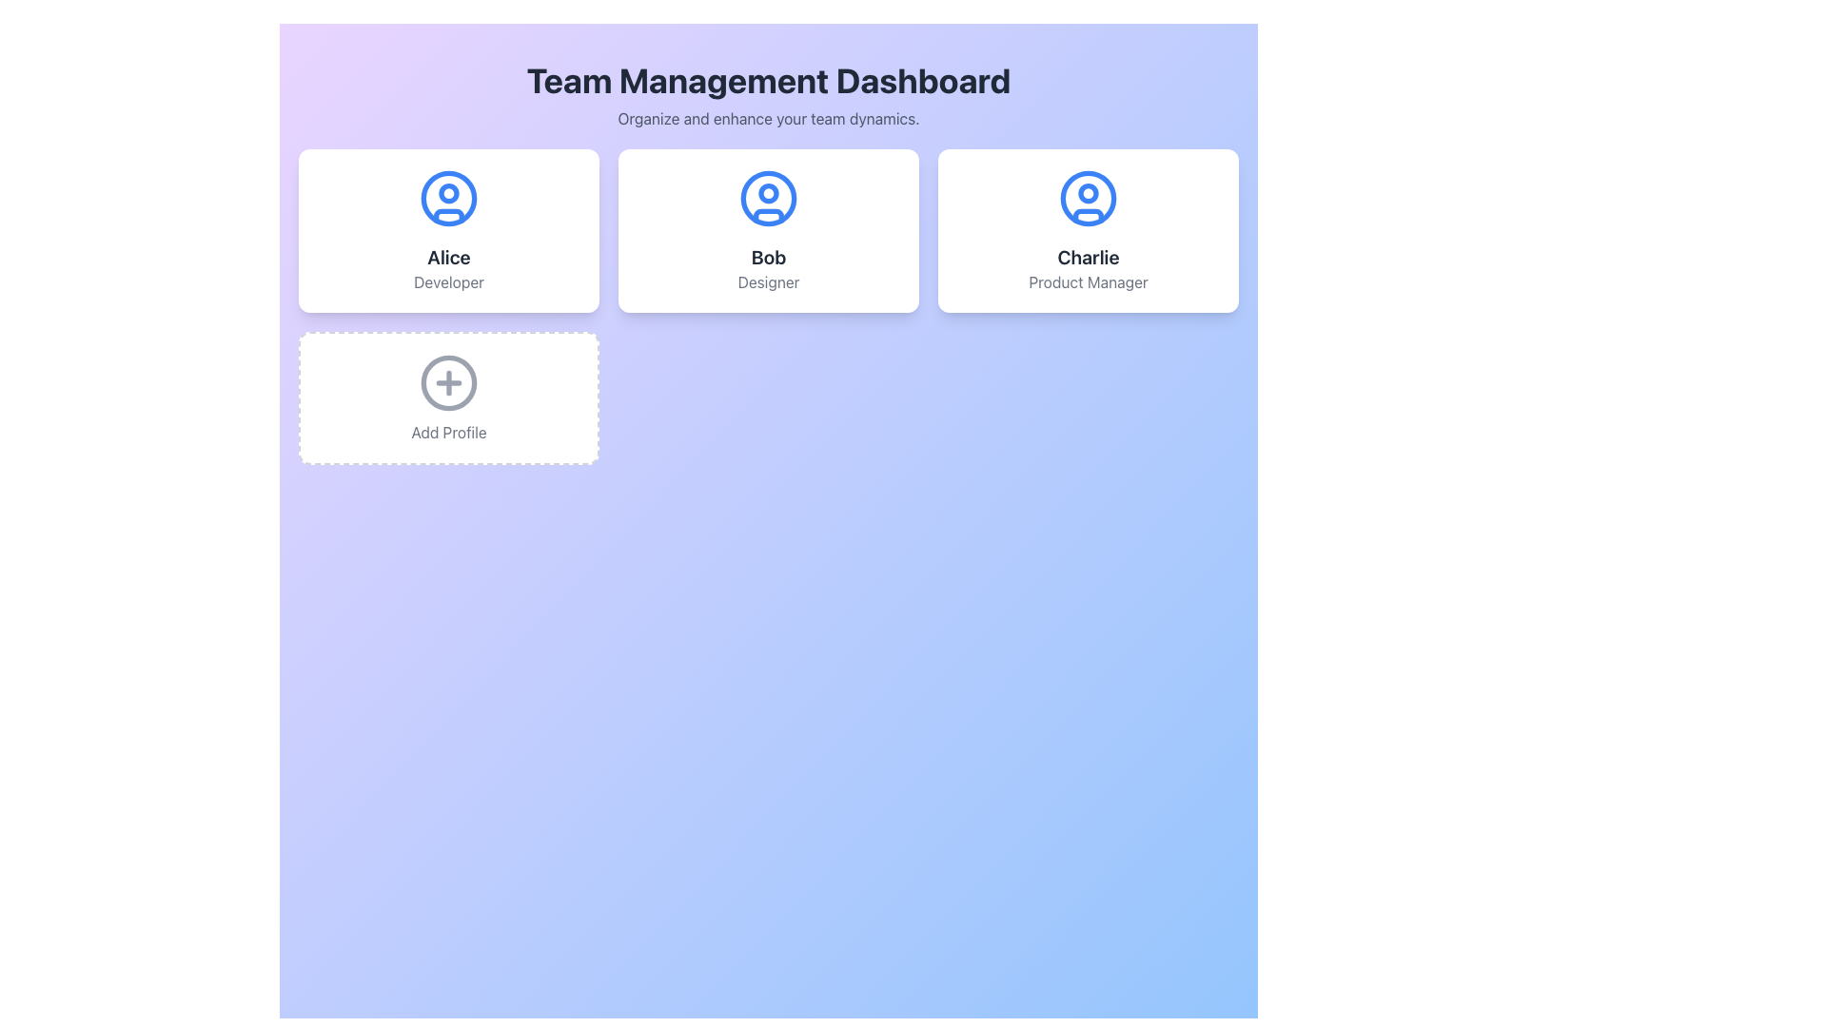 The height and width of the screenshot is (1027, 1827). Describe the element at coordinates (447, 198) in the screenshot. I see `the user avatar icon representing Alice, who is labeled as a 'Developer', located at the center of the card within a three-card layout` at that location.